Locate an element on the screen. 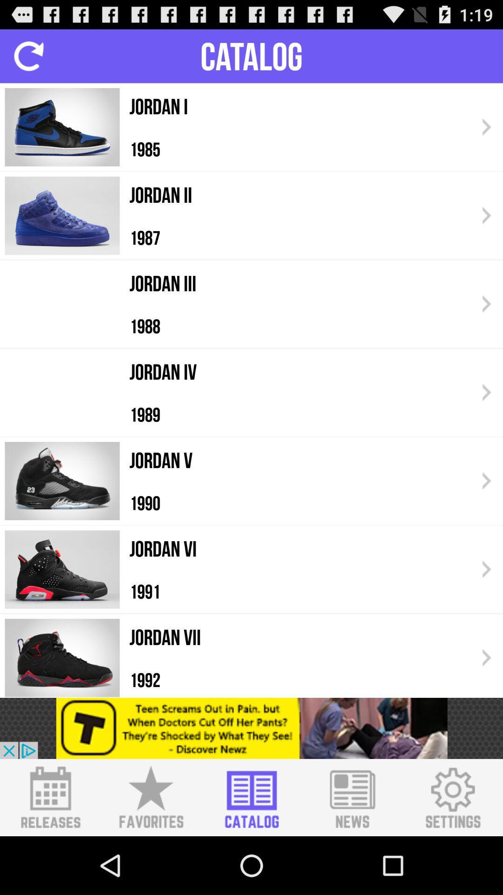 The image size is (503, 895). the star icon is located at coordinates (150, 854).